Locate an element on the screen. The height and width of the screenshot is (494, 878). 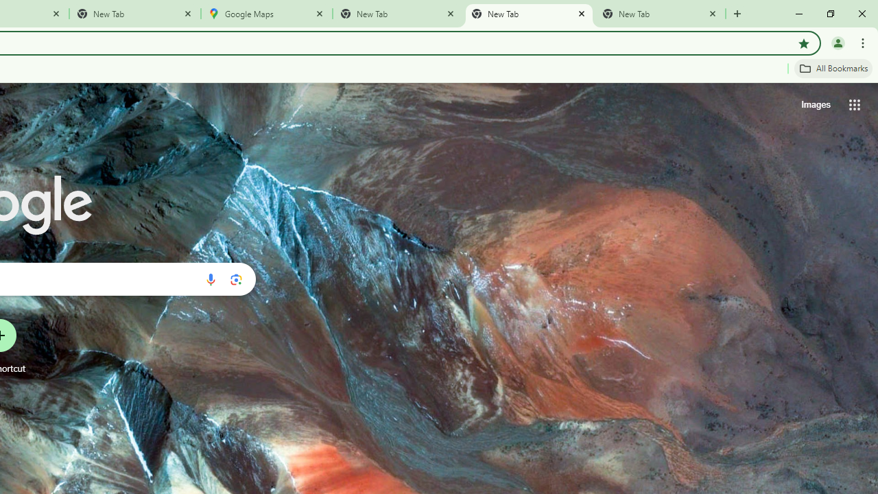
'New Tab' is located at coordinates (660, 14).